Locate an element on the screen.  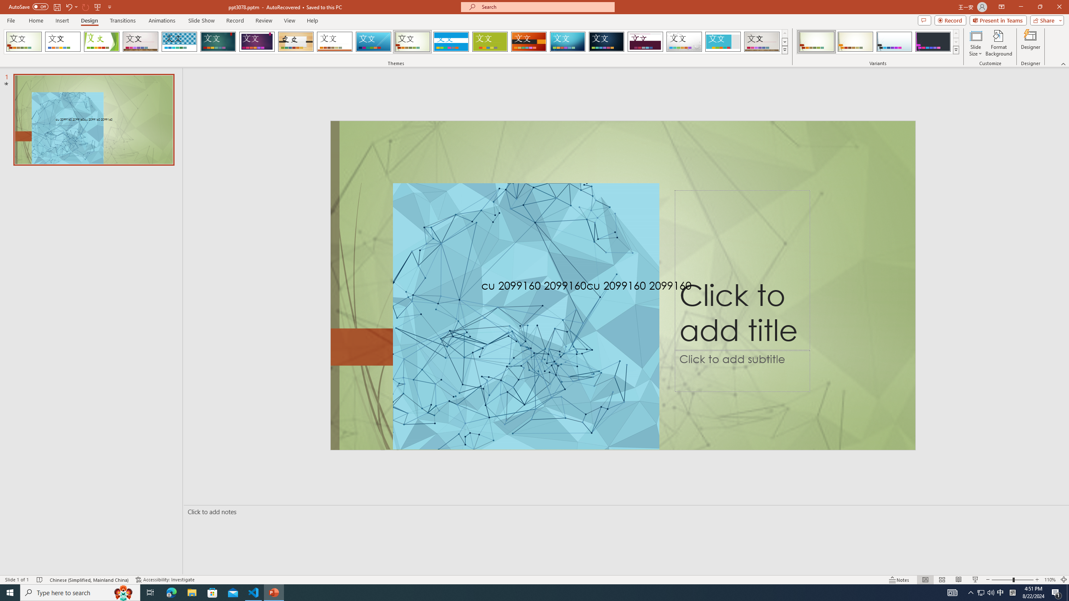
'Wisp Variant 4' is located at coordinates (932, 41).